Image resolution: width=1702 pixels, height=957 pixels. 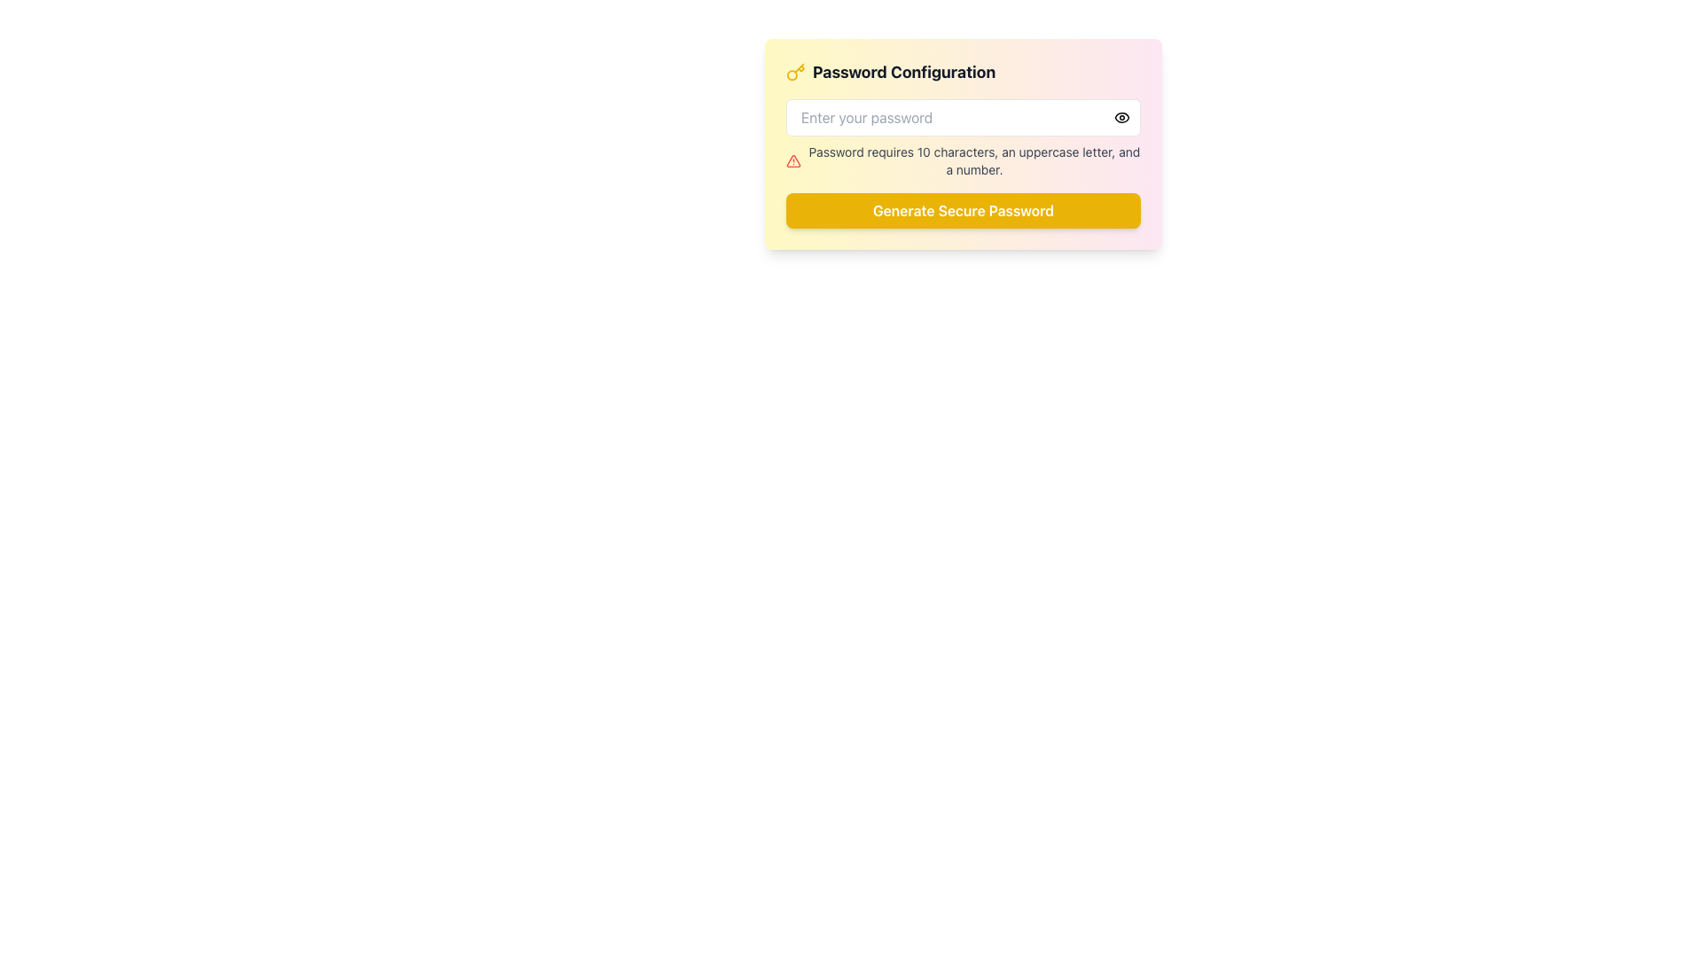 What do you see at coordinates (962, 160) in the screenshot?
I see `the validation feedback text element that reads 'Password requires 10 characters, an uppercase letter, and a number.' which is styled in muted gray and positioned below the password input field` at bounding box center [962, 160].